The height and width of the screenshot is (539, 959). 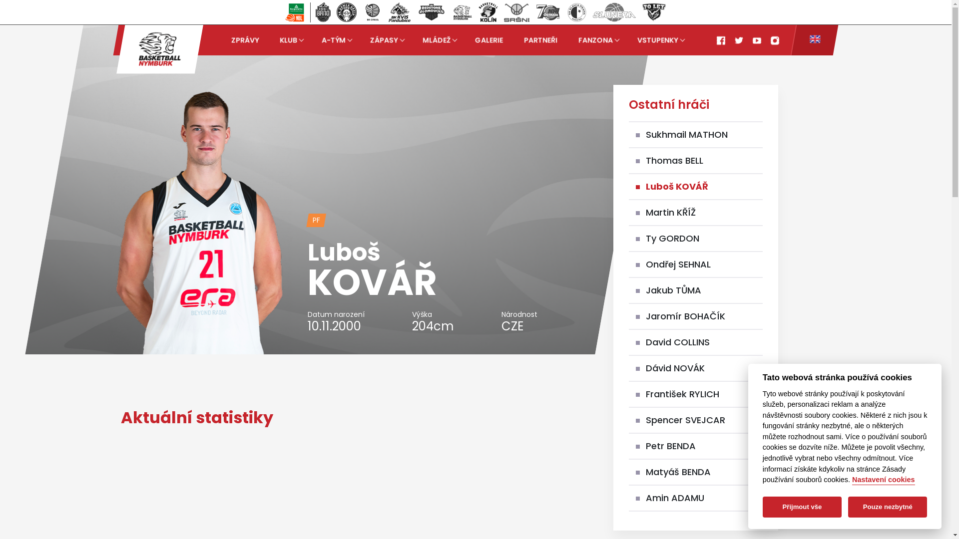 I want to click on 'Amin ADAMU', so click(x=675, y=498).